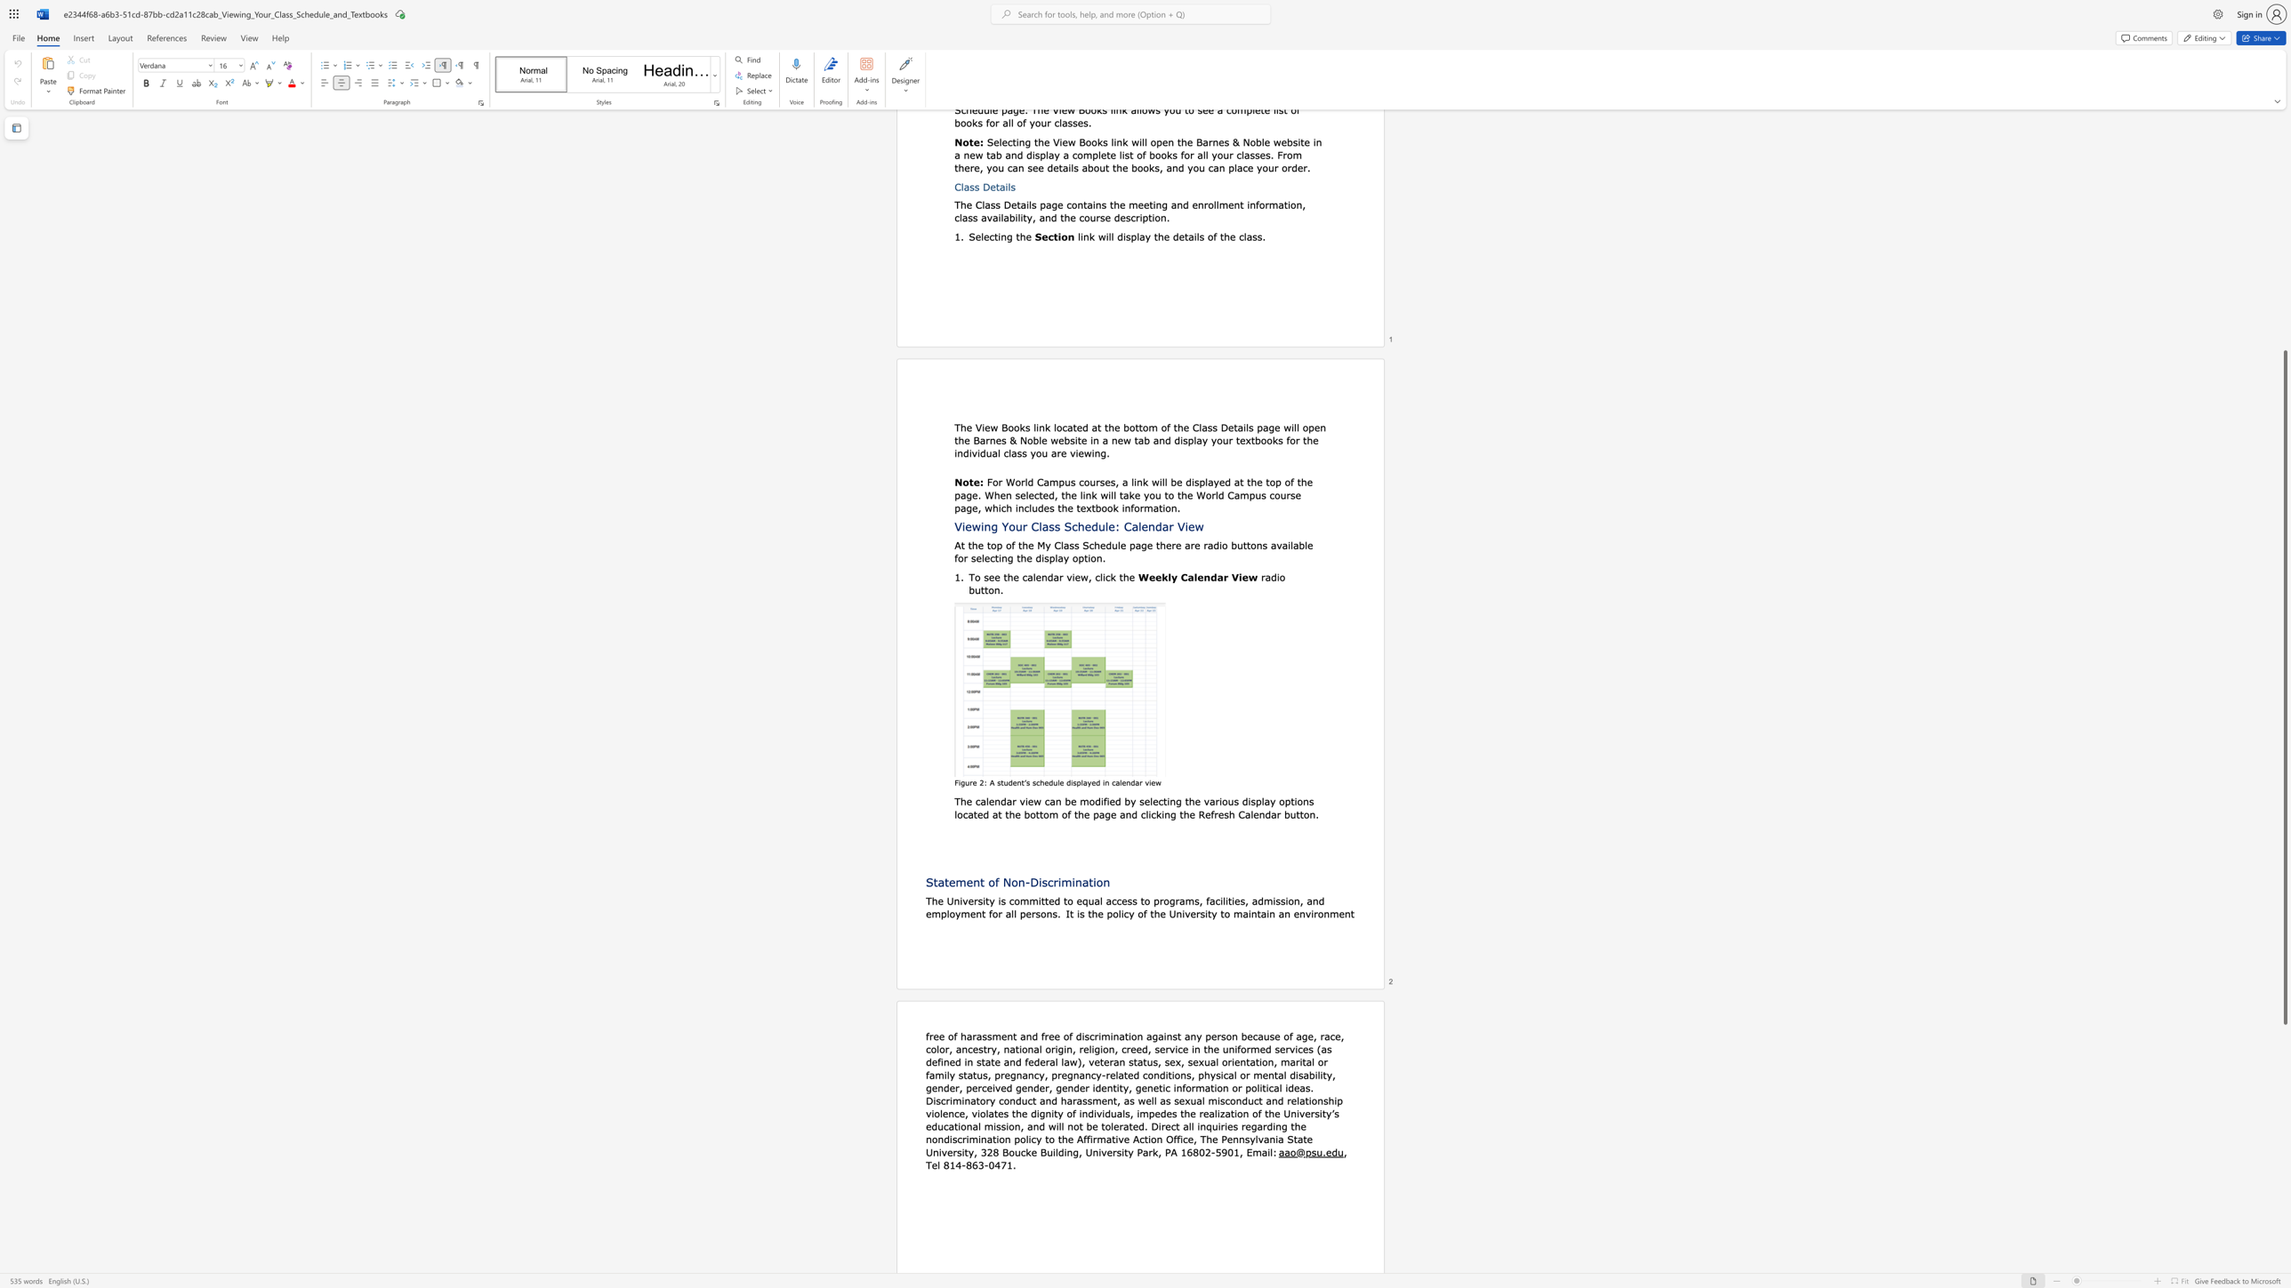 Image resolution: width=2291 pixels, height=1288 pixels. What do you see at coordinates (2284, 196) in the screenshot?
I see `the scrollbar to move the page upward` at bounding box center [2284, 196].